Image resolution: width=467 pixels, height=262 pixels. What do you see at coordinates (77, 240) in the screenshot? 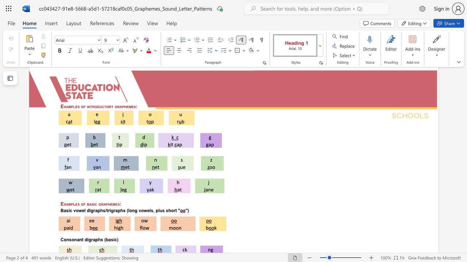
I see `the subset text "ant digraphs (basic" within the text "Consonant digraphs (basic)"` at bounding box center [77, 240].